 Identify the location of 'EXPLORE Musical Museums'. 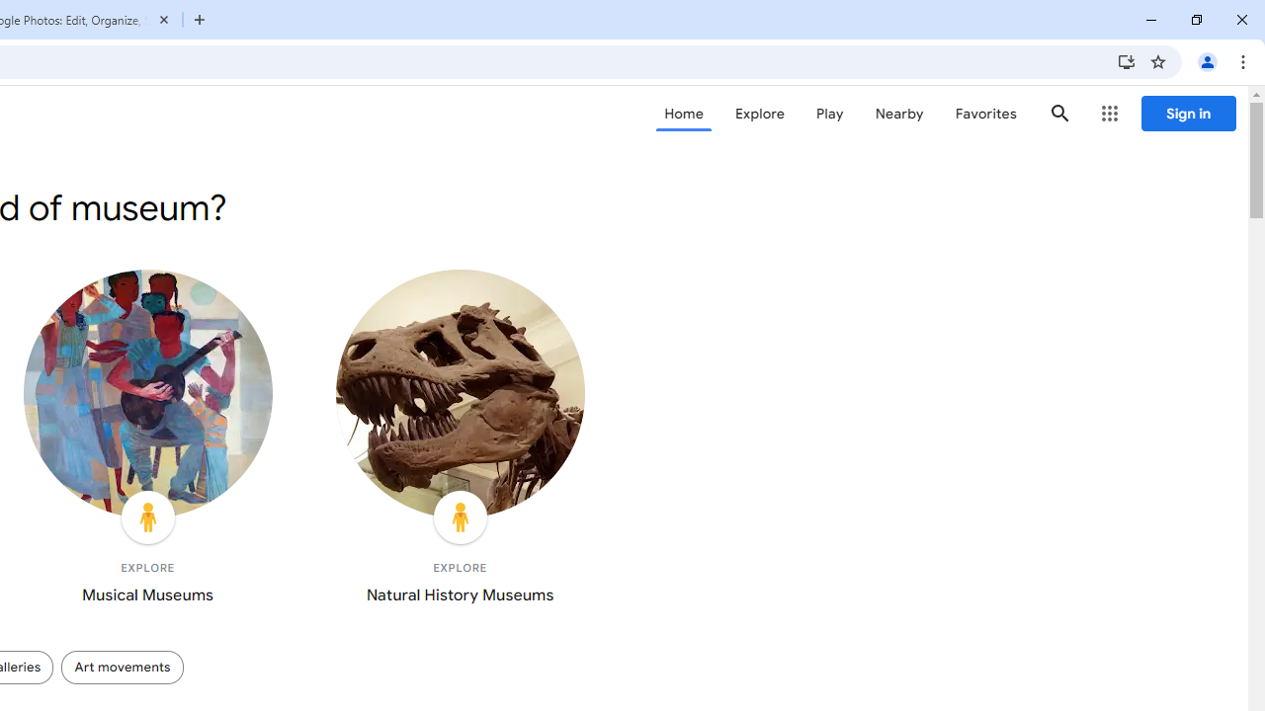
(146, 440).